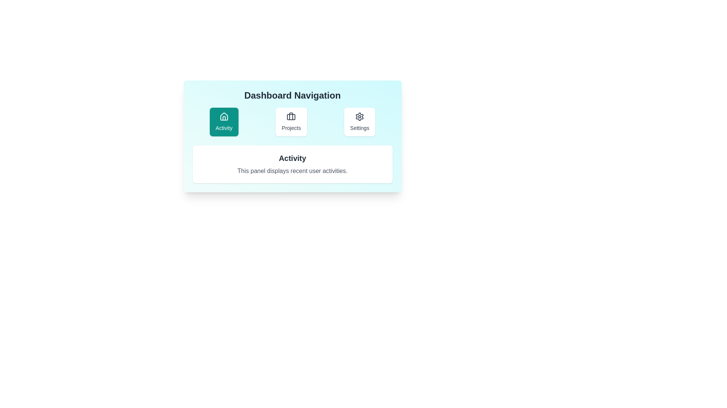  What do you see at coordinates (359, 116) in the screenshot?
I see `the settings icon located at the top-right corner of the navigation card, positioned after 'Activity' and 'Projects'` at bounding box center [359, 116].